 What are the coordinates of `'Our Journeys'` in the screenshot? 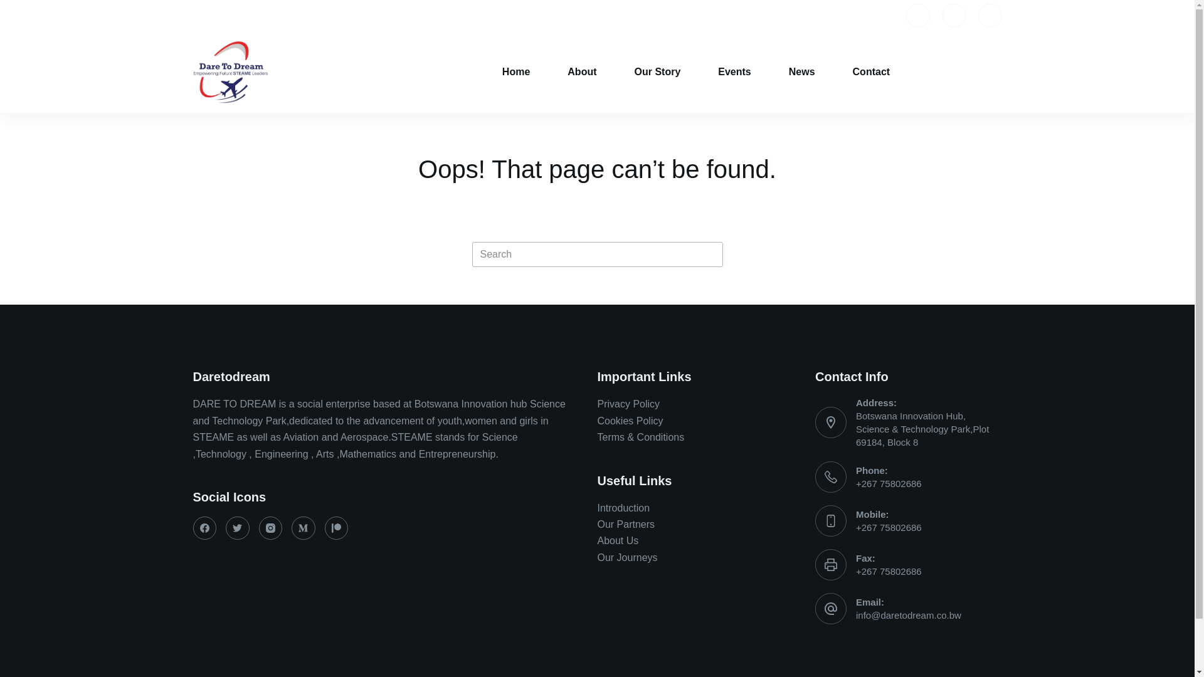 It's located at (596, 557).